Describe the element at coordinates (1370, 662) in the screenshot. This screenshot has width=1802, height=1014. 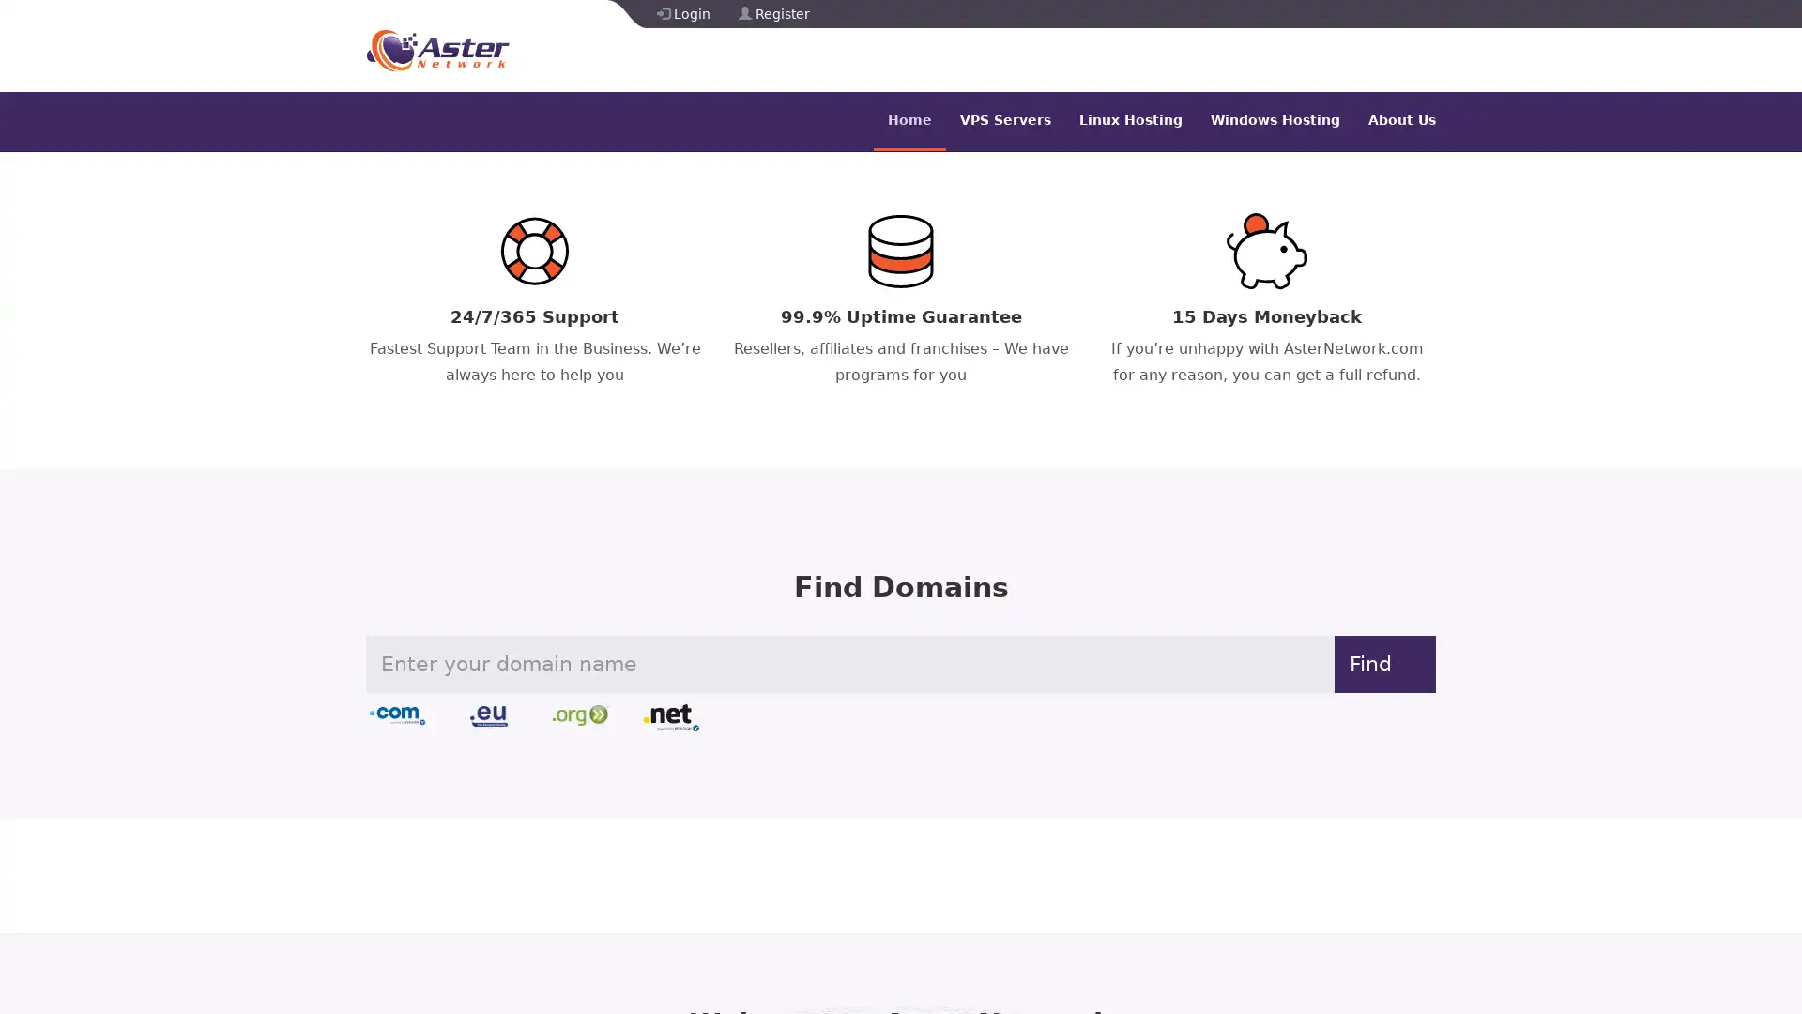
I see `Find` at that location.